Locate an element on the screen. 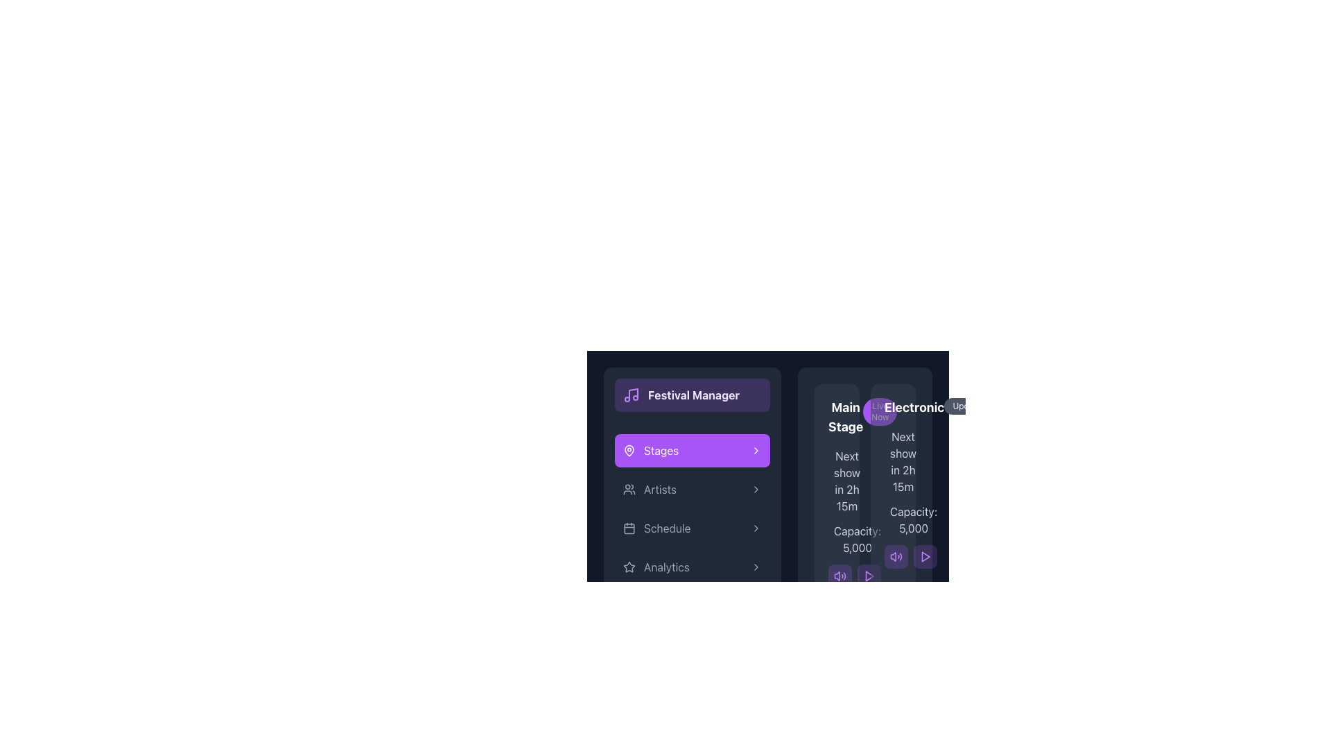 The height and width of the screenshot is (749, 1331). the audio-related icon button featuring a volume symbol, which is the leftmost of three similar icons located below the 'Electronic' text in the second card of the interface is located at coordinates (836, 576).